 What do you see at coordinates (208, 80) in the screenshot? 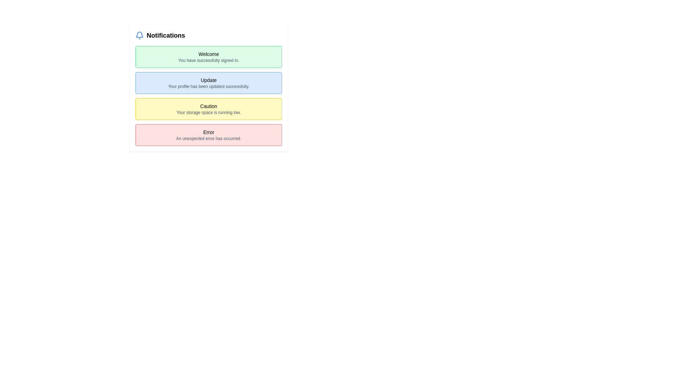
I see `the text label that serves as the title for the notification, which precedes the message 'Your profile has been updated successfully.'` at bounding box center [208, 80].